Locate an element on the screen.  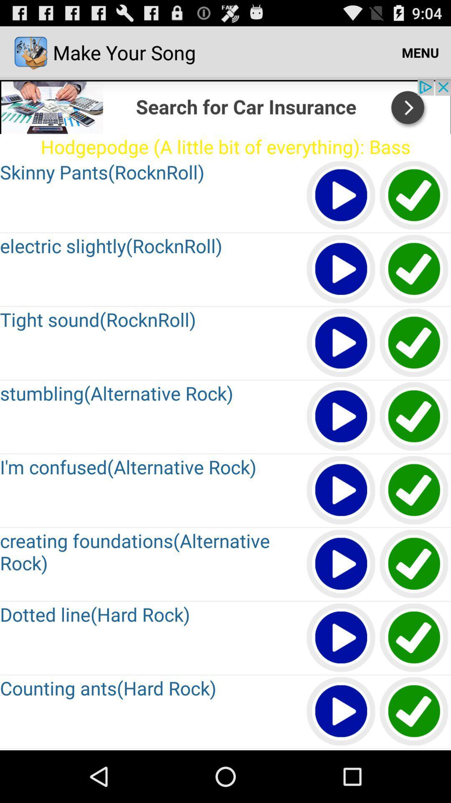
this song is located at coordinates (414, 195).